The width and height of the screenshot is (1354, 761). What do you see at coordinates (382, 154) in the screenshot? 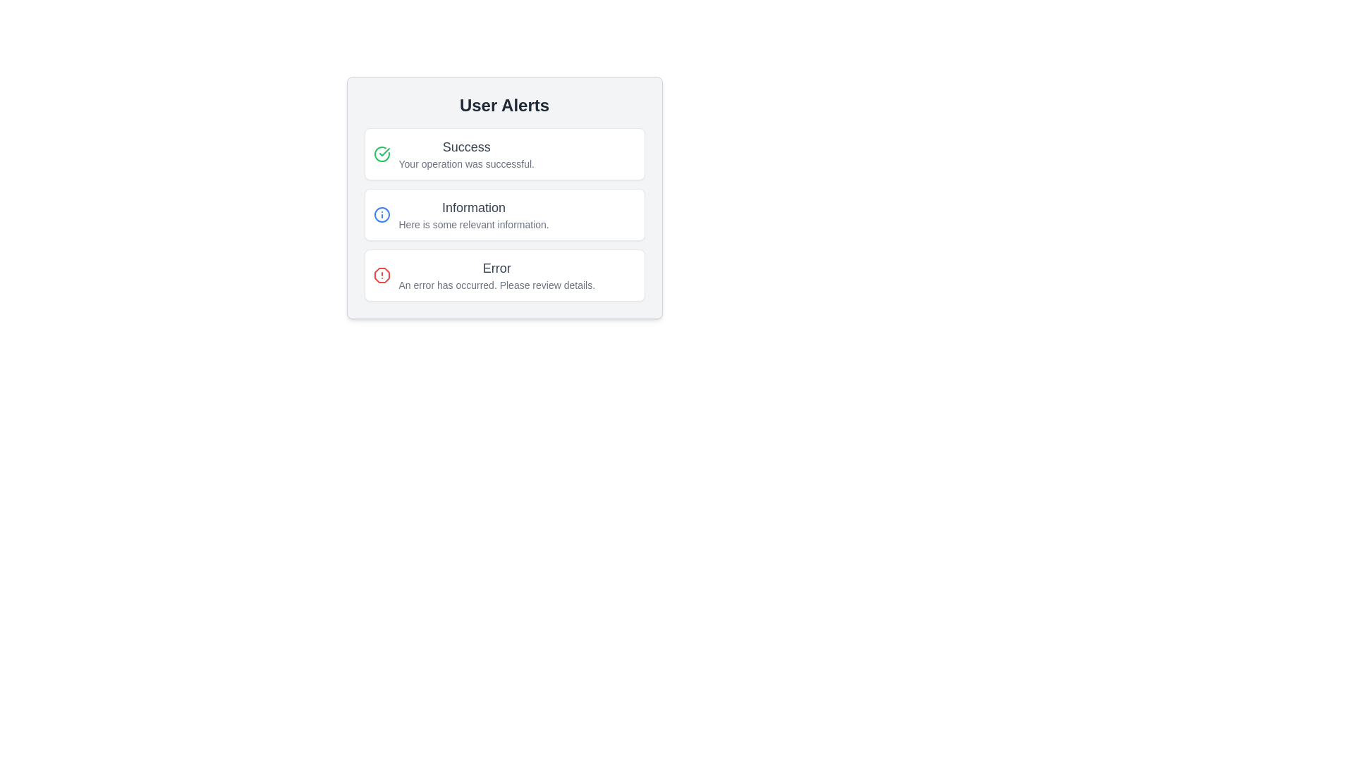
I see `the green checkmark icon that is prominently positioned to the left of the 'Success' alert text, indicating a successful operation` at bounding box center [382, 154].